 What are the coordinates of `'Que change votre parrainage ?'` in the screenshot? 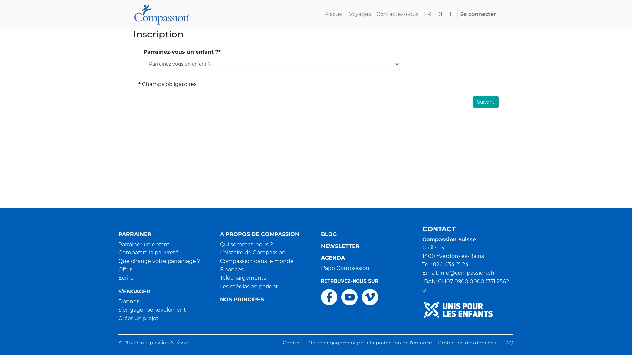 It's located at (159, 261).